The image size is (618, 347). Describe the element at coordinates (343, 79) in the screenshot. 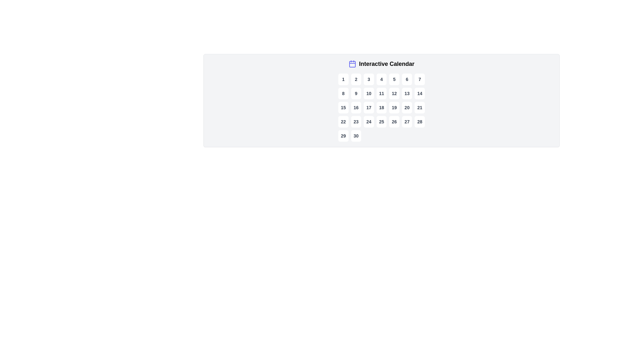

I see `the rounded square button labeled '1' in the top-left corner of the calendar grid` at that location.